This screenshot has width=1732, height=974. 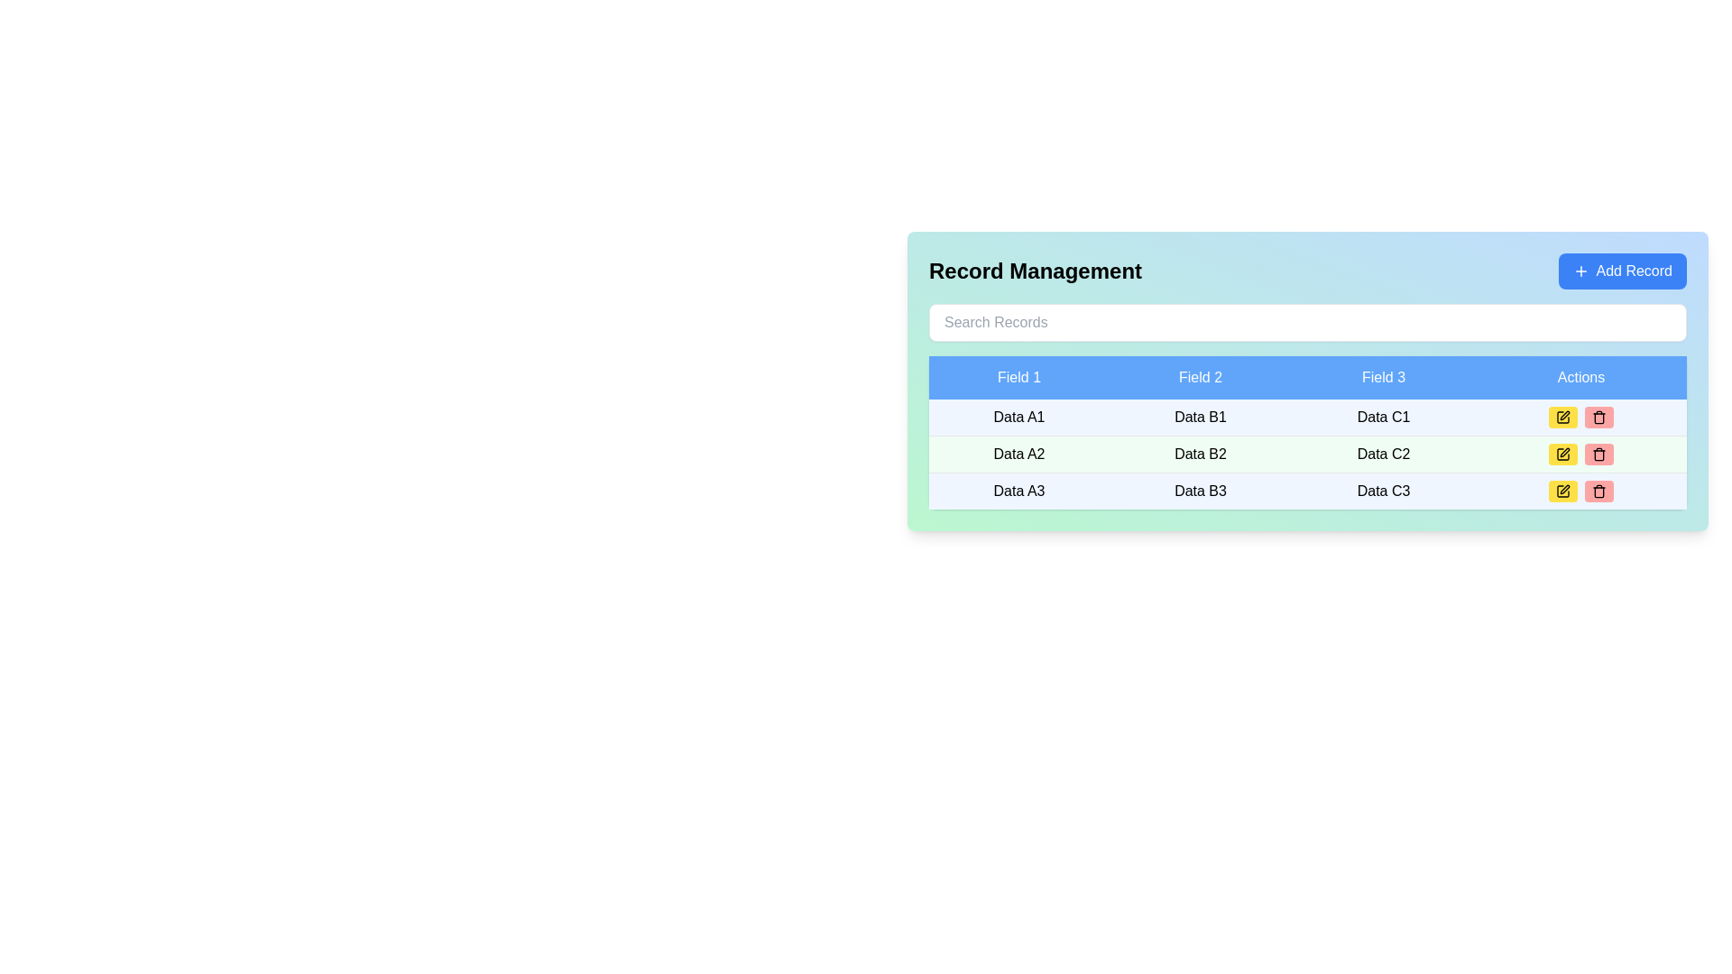 What do you see at coordinates (1562, 454) in the screenshot?
I see `the pen icon button in the Actions column of the second row of the table` at bounding box center [1562, 454].